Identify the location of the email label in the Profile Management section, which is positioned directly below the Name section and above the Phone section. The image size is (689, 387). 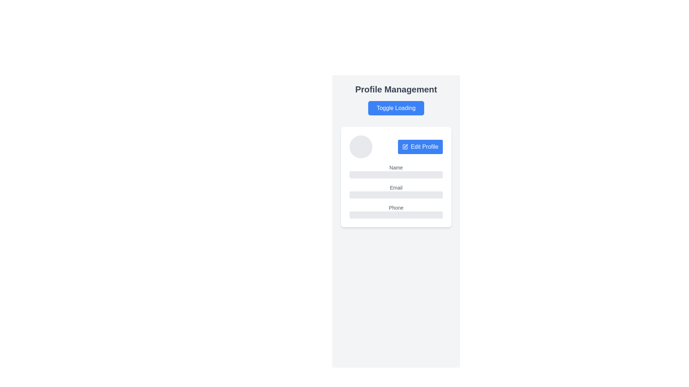
(396, 191).